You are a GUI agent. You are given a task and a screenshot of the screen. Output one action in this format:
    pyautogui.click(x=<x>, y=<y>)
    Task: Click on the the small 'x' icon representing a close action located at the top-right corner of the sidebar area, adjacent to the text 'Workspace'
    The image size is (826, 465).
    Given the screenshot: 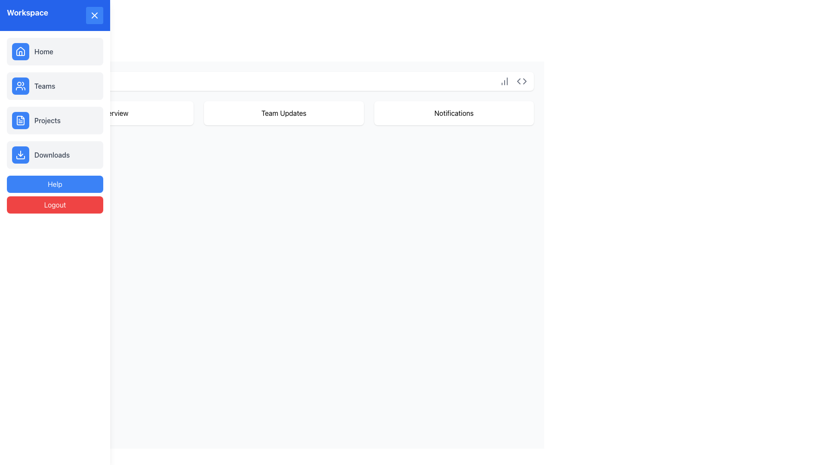 What is the action you would take?
    pyautogui.click(x=17, y=17)
    